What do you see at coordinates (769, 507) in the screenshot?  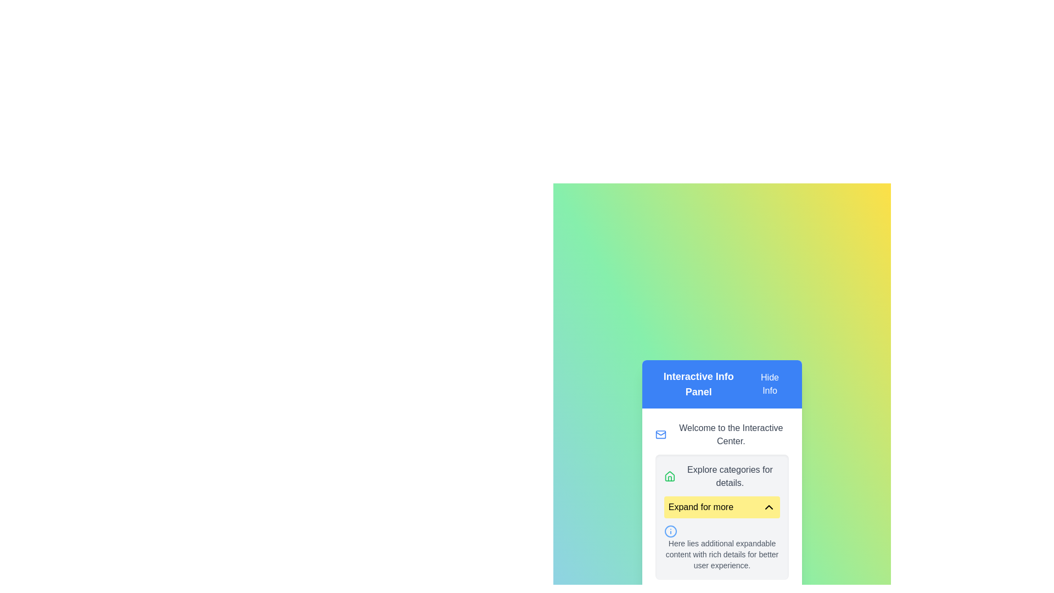 I see `the icon located at the right end of the yellow-highlighted bar labeled 'Expand for more', which serves as a visual cue for collapsing the associated section content` at bounding box center [769, 507].